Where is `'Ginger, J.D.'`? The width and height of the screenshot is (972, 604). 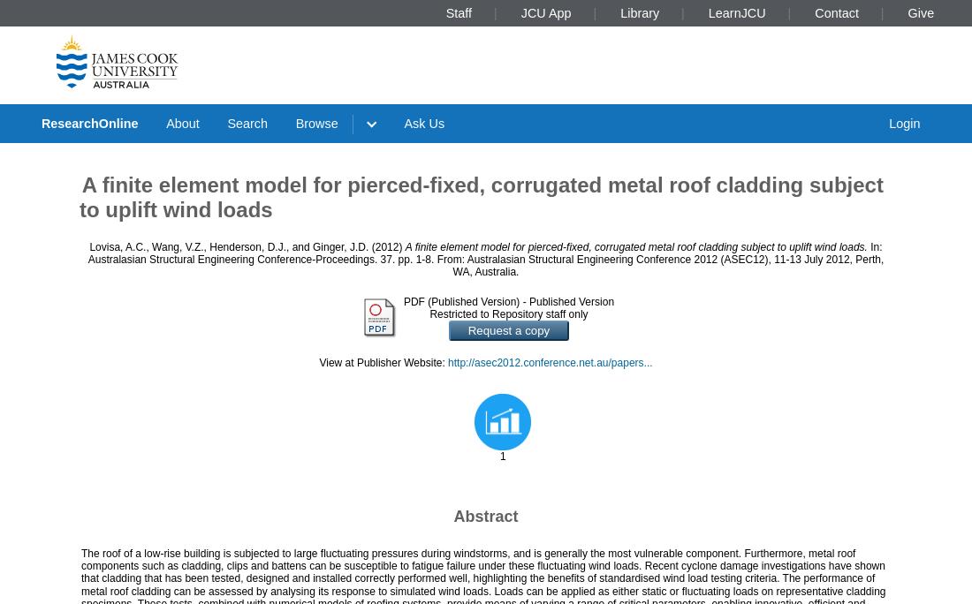
'Ginger, J.D.' is located at coordinates (340, 246).